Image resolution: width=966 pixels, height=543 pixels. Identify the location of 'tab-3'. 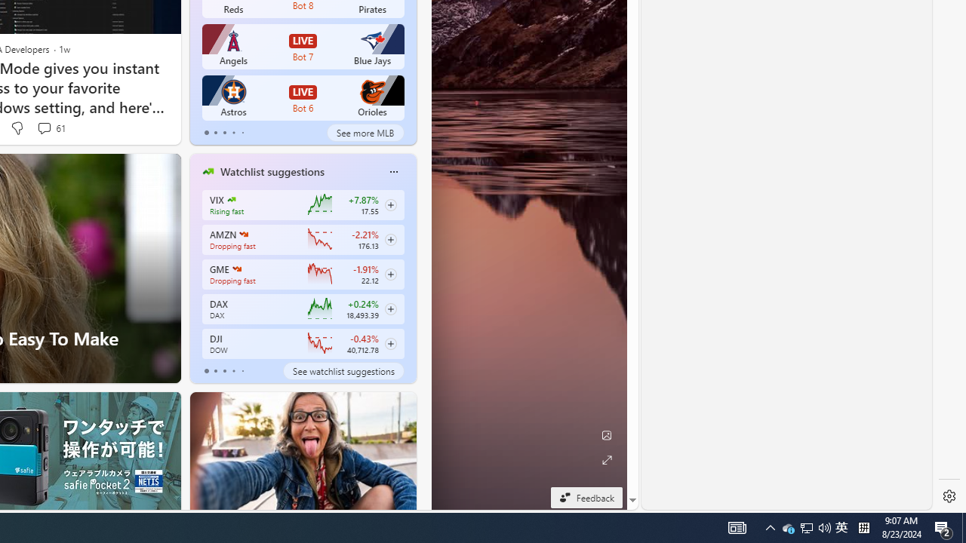
(232, 371).